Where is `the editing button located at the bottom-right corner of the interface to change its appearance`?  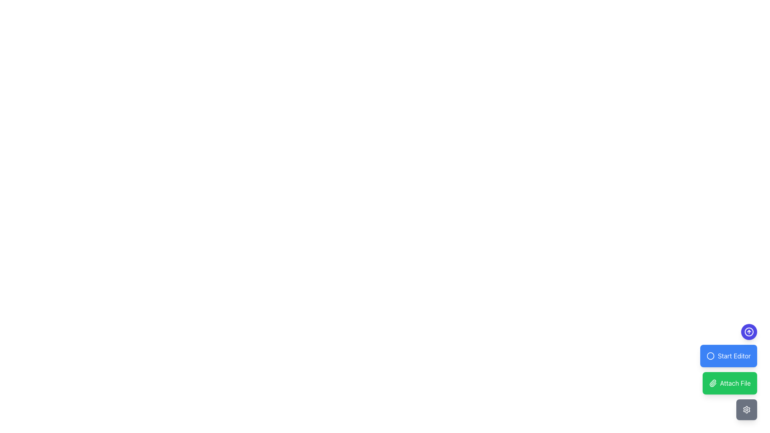 the editing button located at the bottom-right corner of the interface to change its appearance is located at coordinates (728, 355).